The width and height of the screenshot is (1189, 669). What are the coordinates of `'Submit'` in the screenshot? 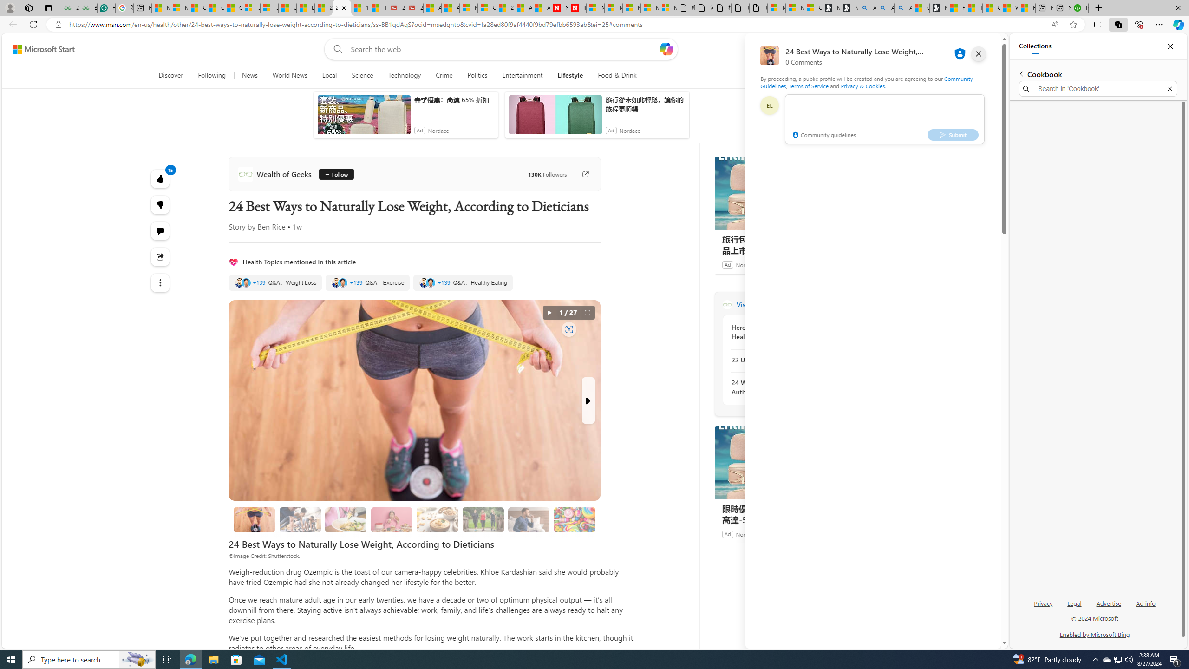 It's located at (952, 134).